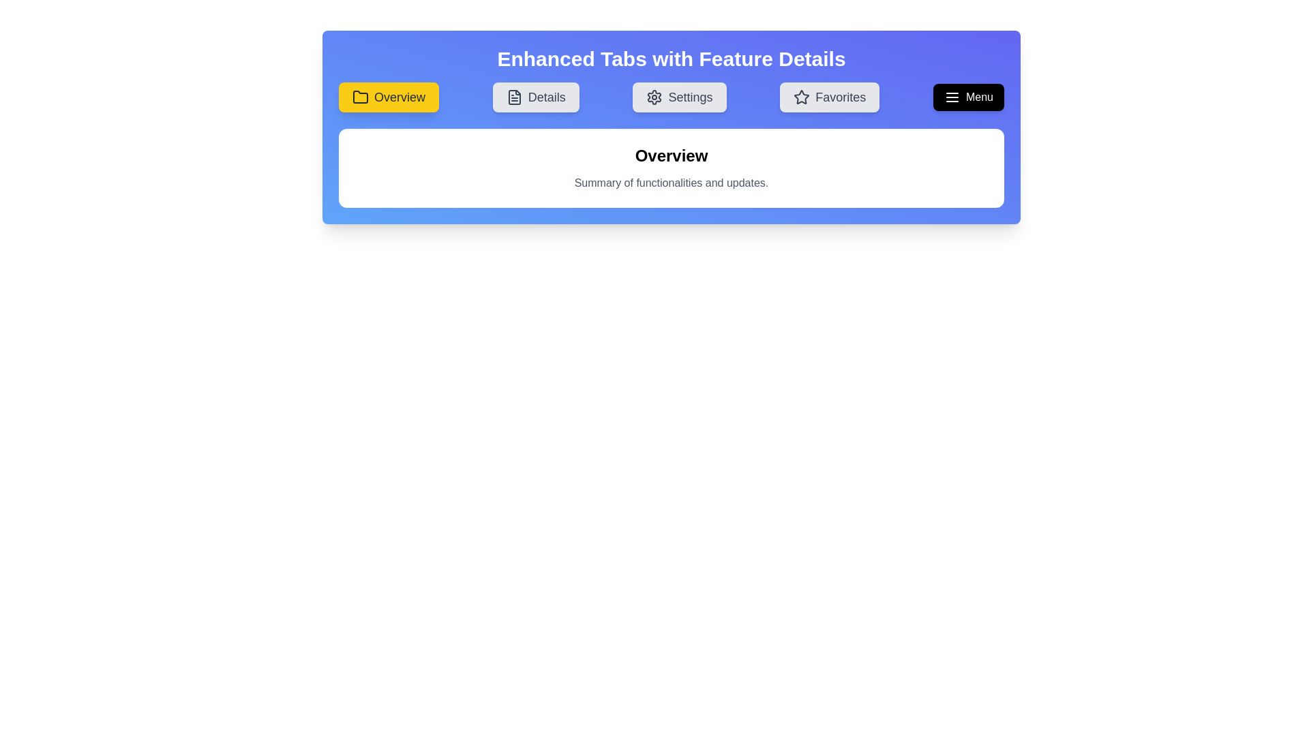  What do you see at coordinates (829, 96) in the screenshot?
I see `the 'Favorites' button, which is the fourth button from the left in the navigation bar` at bounding box center [829, 96].